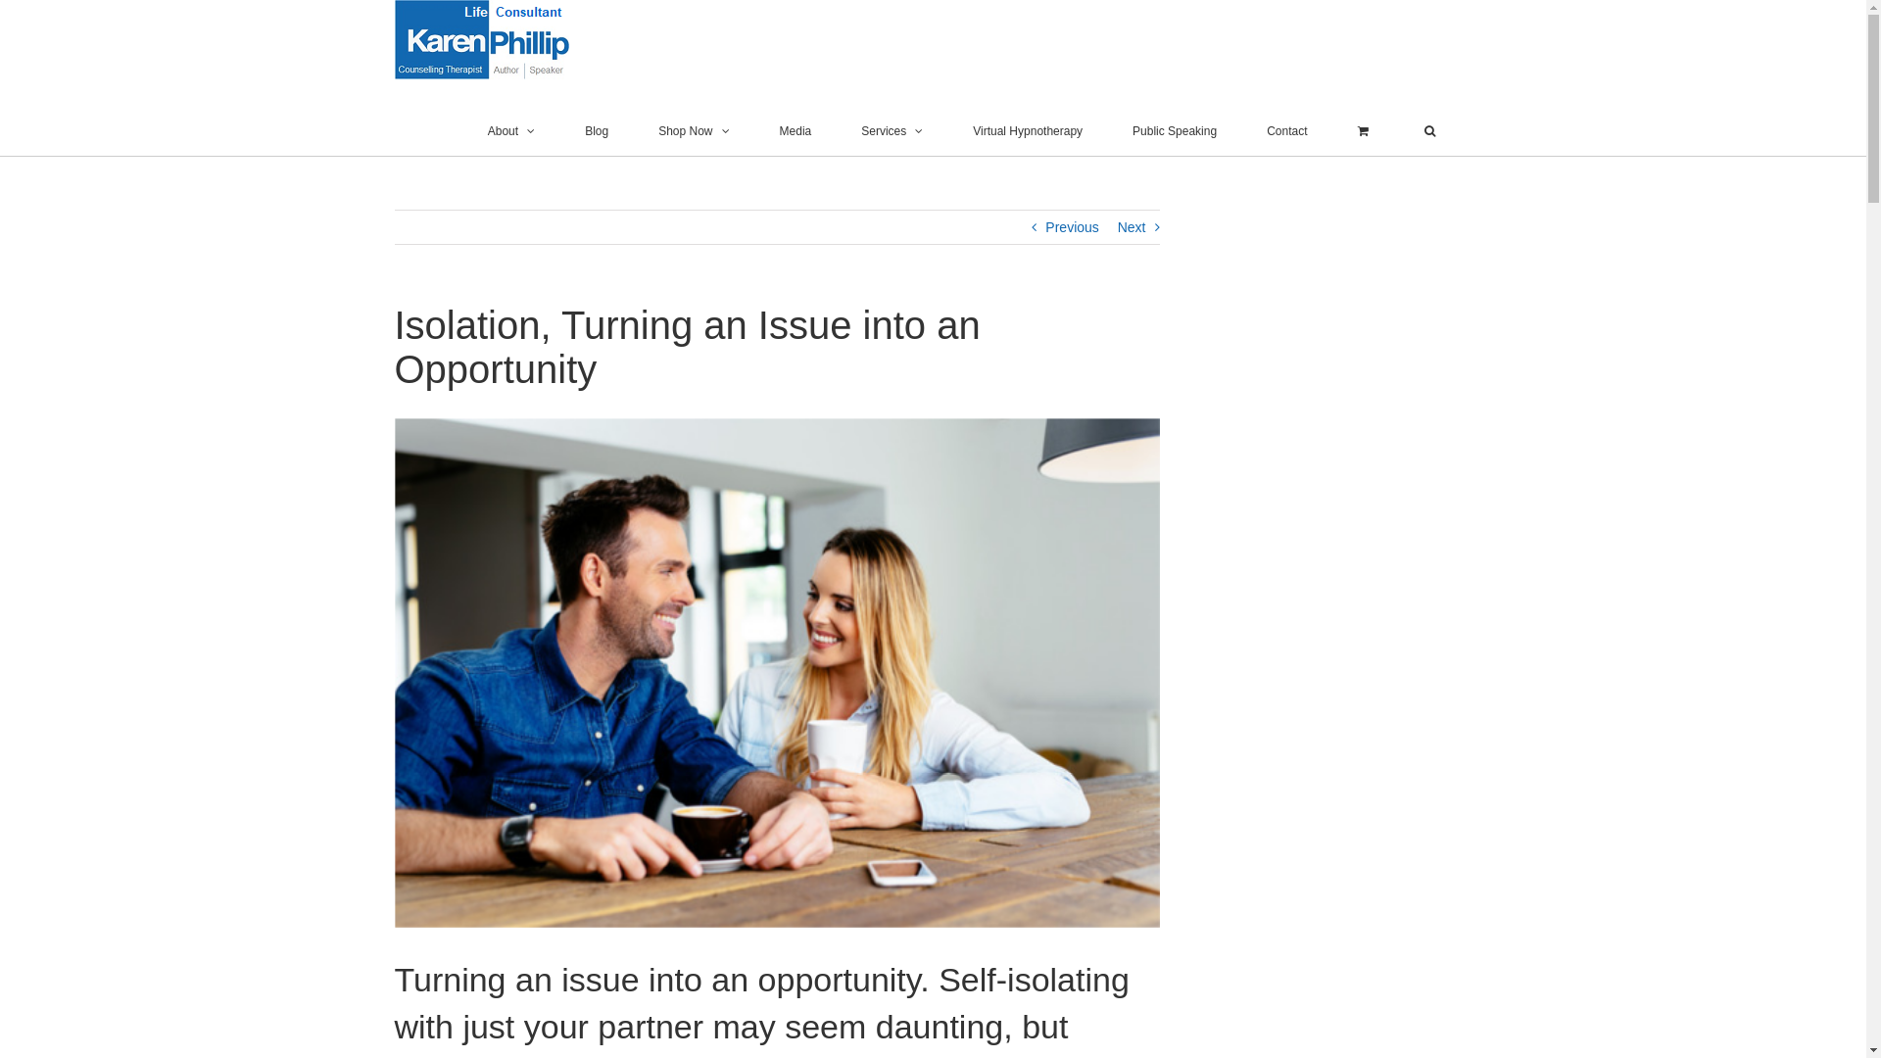  Describe the element at coordinates (1027, 131) in the screenshot. I see `'Virtual Hypnotherapy'` at that location.